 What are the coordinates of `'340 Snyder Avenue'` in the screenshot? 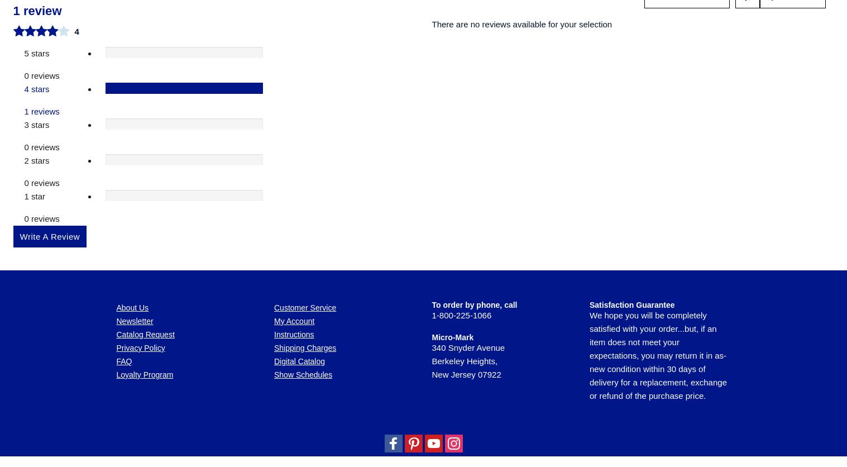 It's located at (468, 156).